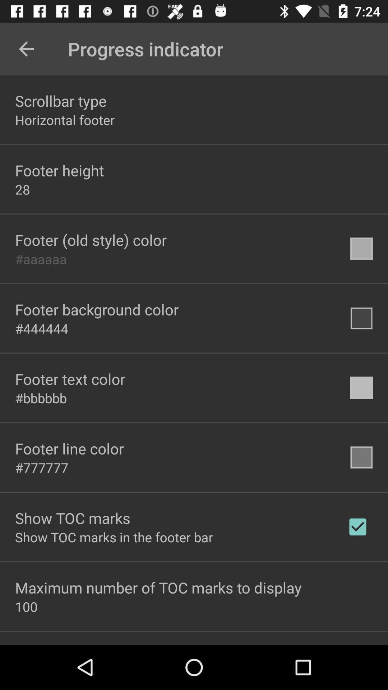 This screenshot has width=388, height=690. I want to click on #444444 icon, so click(42, 328).